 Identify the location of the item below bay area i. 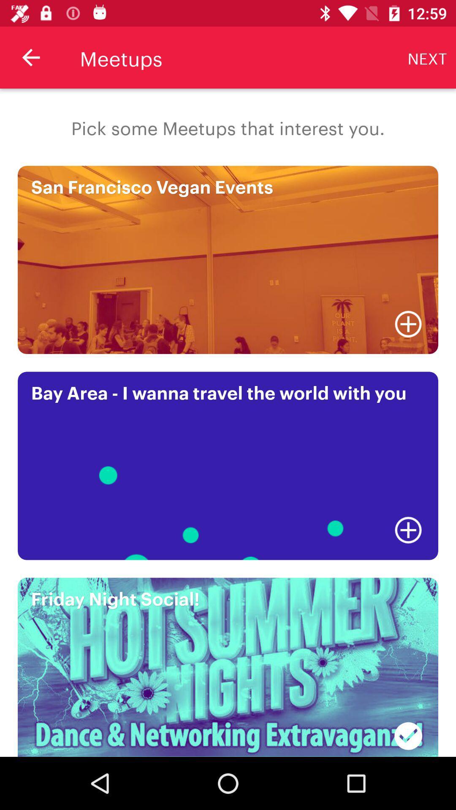
(408, 529).